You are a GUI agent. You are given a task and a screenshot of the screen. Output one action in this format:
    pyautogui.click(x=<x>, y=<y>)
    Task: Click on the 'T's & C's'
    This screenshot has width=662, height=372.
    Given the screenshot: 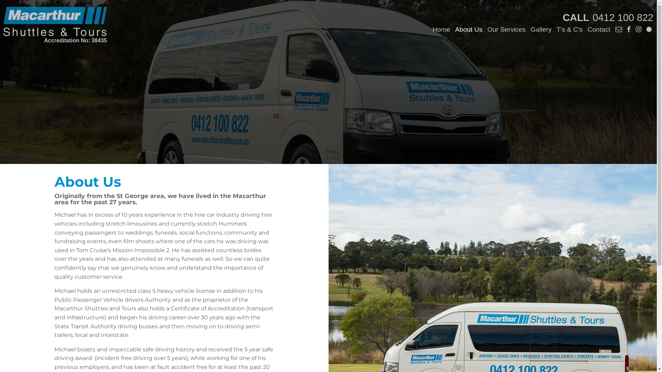 What is the action you would take?
    pyautogui.click(x=554, y=29)
    